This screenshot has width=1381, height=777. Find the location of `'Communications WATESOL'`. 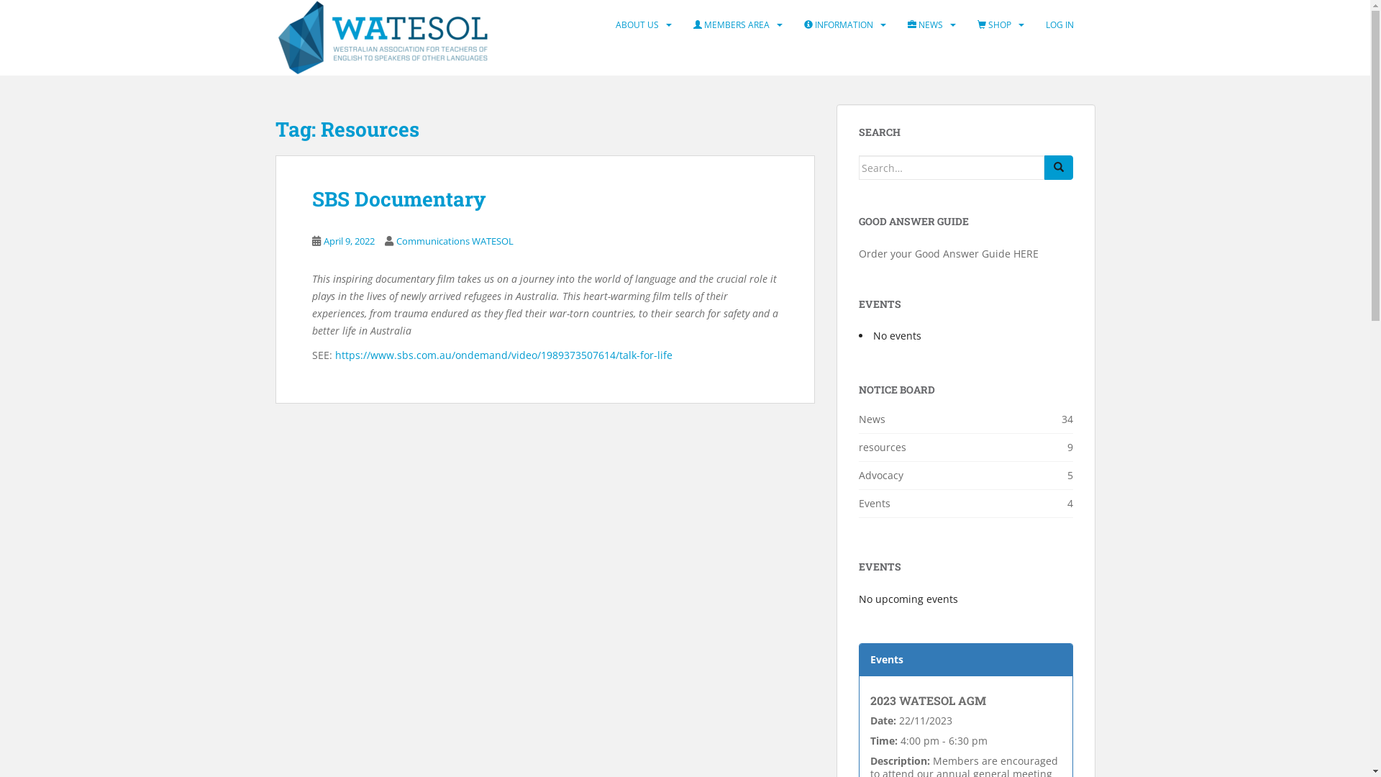

'Communications WATESOL' is located at coordinates (453, 240).